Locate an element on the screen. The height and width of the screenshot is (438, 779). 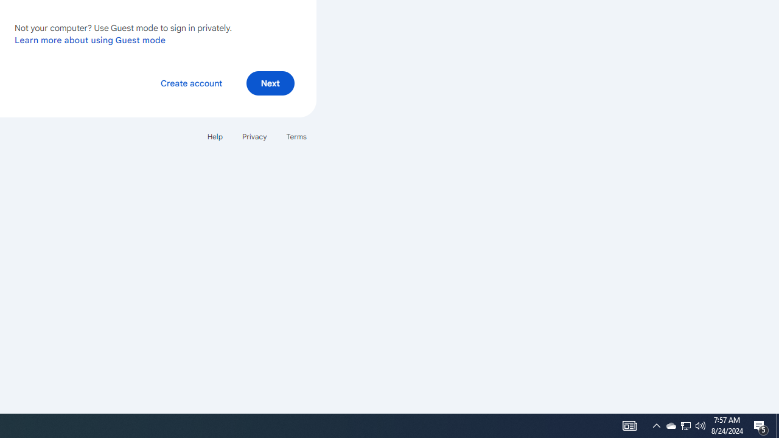
'Create account' is located at coordinates (190, 82).